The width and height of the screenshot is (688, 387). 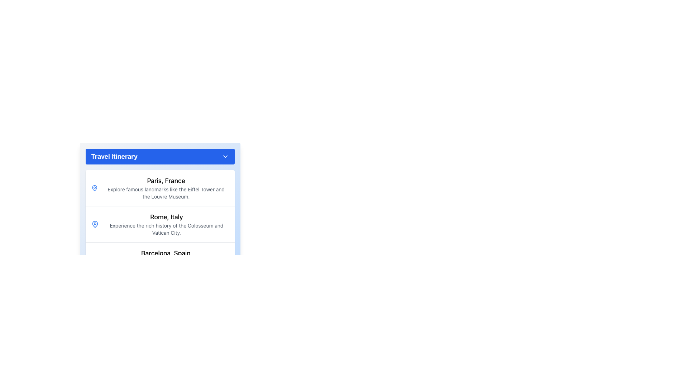 What do you see at coordinates (94, 260) in the screenshot?
I see `the visual design of the map pin icon located to the left of the text 'Barcelona, Spain' in the description block` at bounding box center [94, 260].